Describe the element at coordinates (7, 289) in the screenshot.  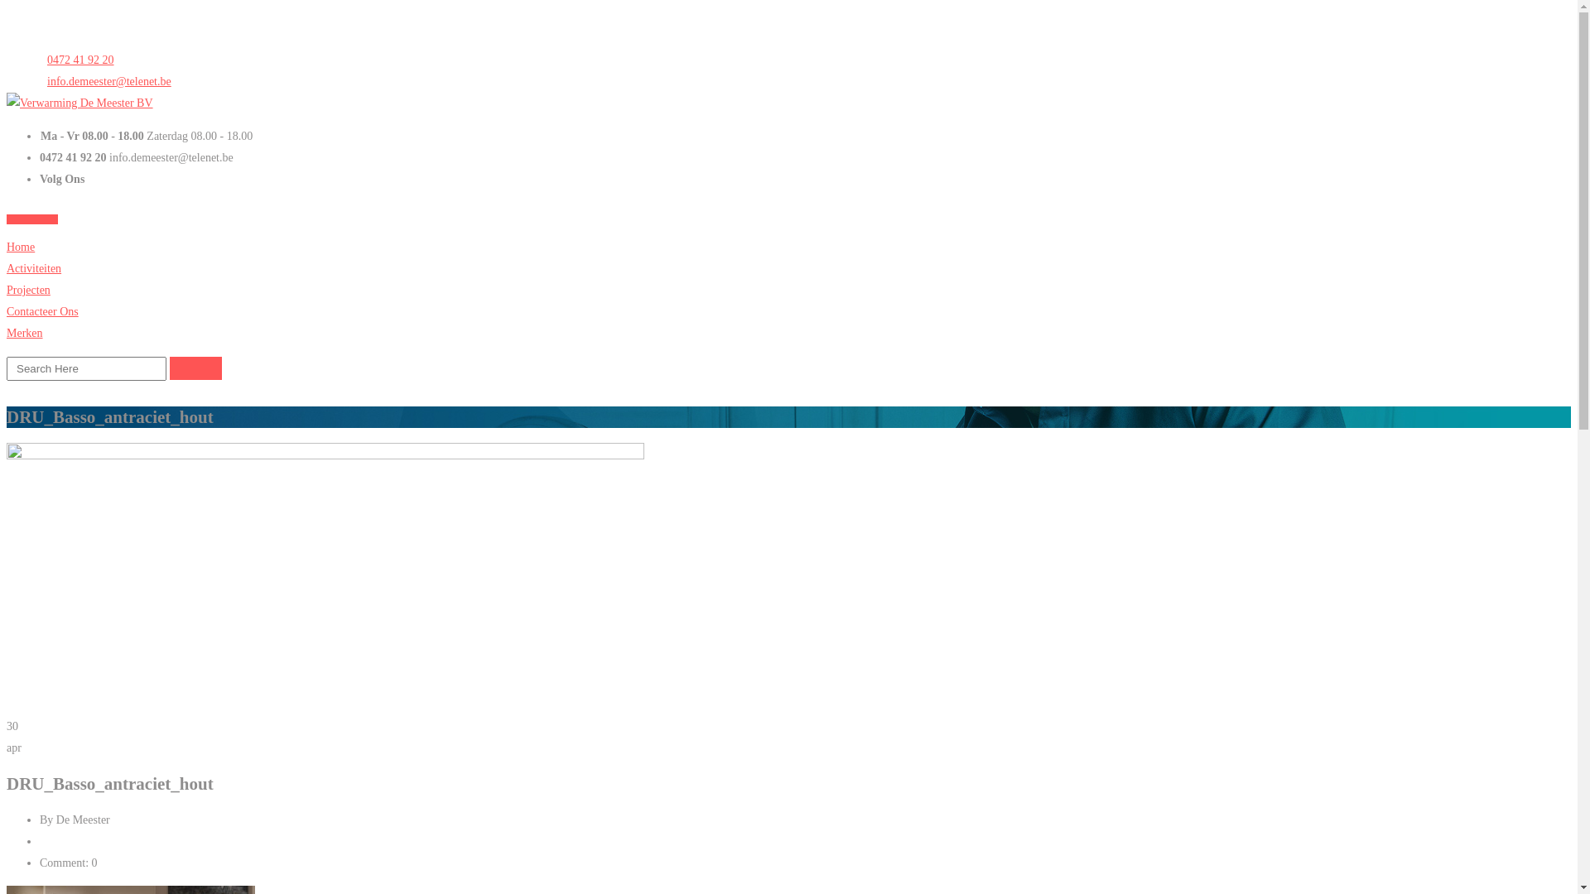
I see `'Projecten'` at that location.